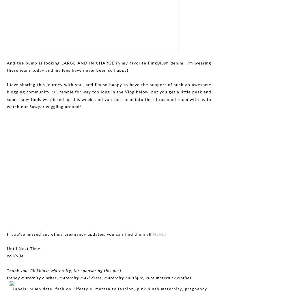  Describe the element at coordinates (7, 271) in the screenshot. I see `'Thank you, Pinkblush Maternity, for sponsoring this post.'` at that location.